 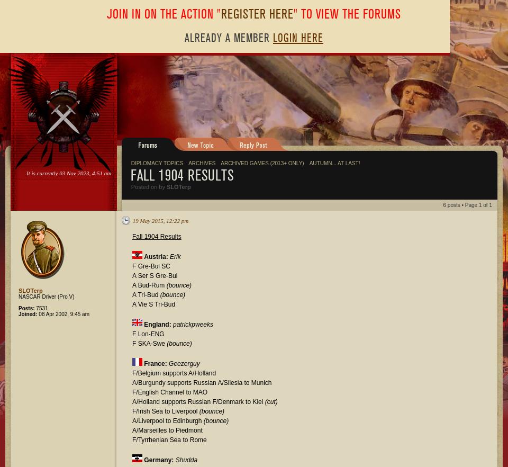 What do you see at coordinates (229, 38) in the screenshot?
I see `'Already a Member'` at bounding box center [229, 38].